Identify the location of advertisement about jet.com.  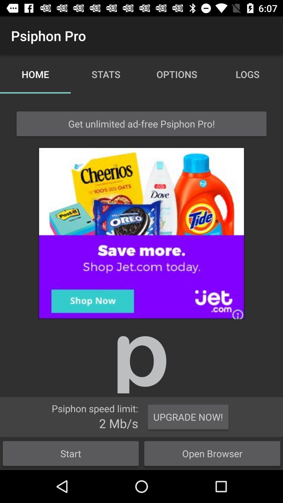
(141, 233).